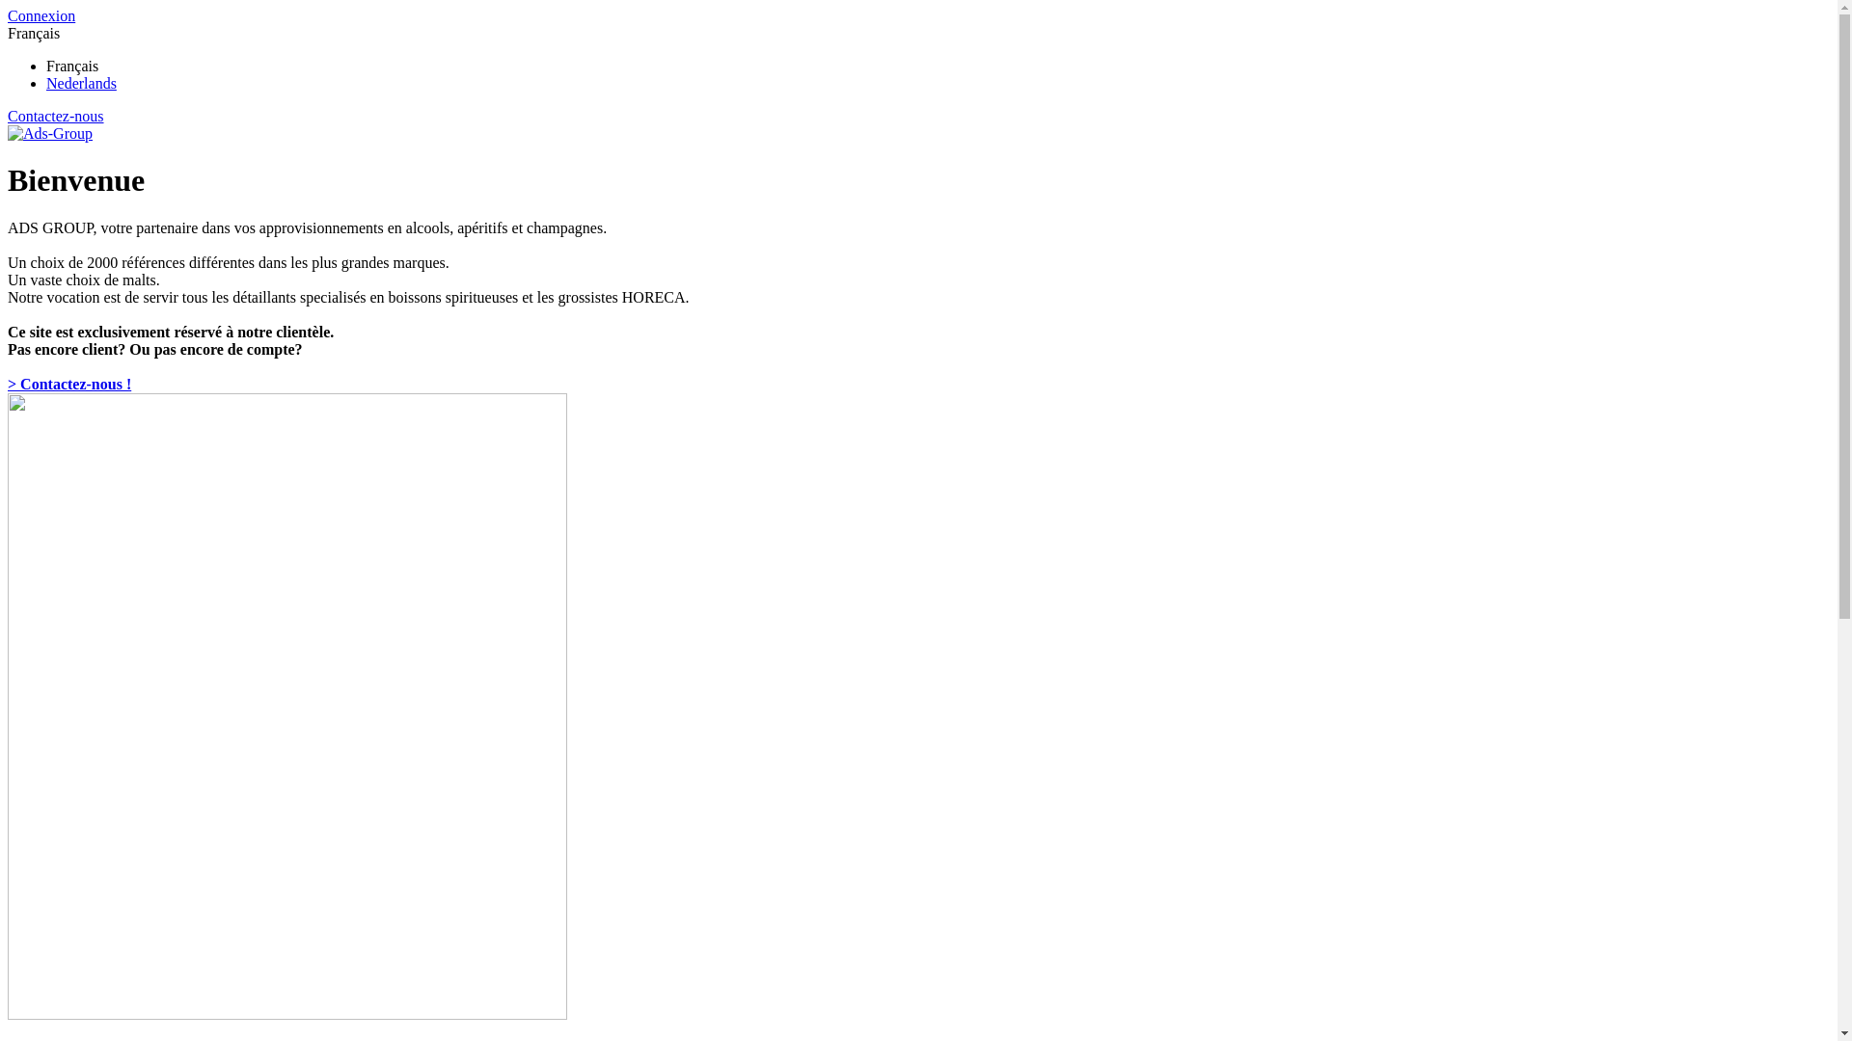  What do you see at coordinates (50, 132) in the screenshot?
I see `'Ads-Group'` at bounding box center [50, 132].